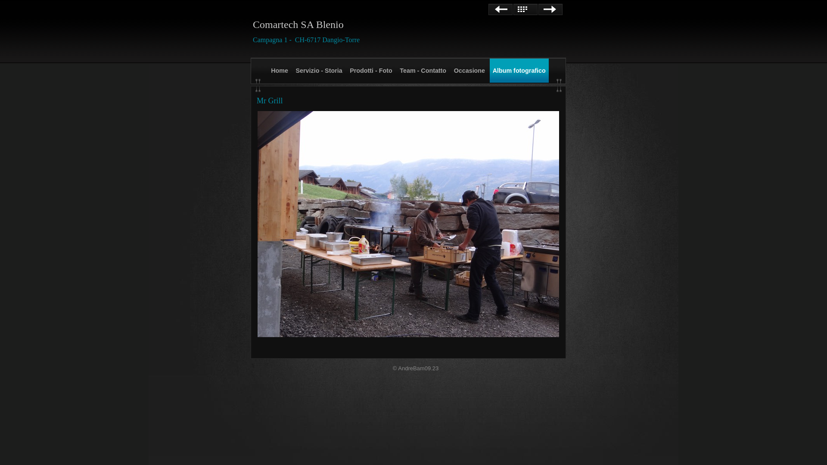 The width and height of the screenshot is (827, 465). Describe the element at coordinates (488, 9) in the screenshot. I see `'Precedente'` at that location.